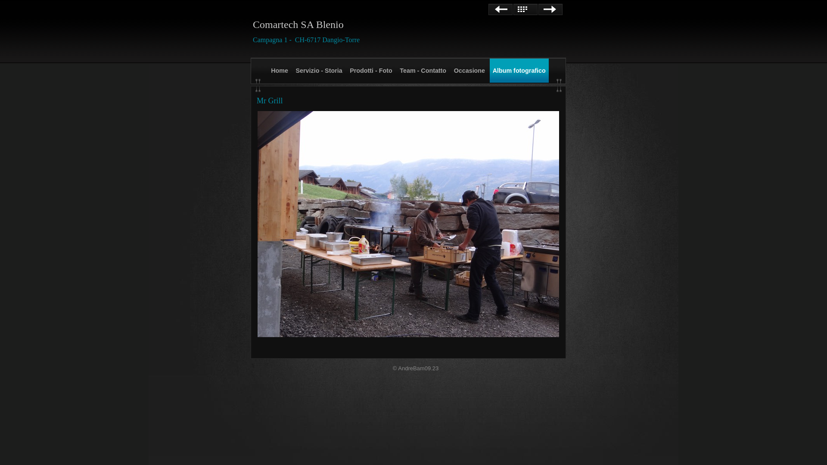 The width and height of the screenshot is (827, 465). Describe the element at coordinates (488, 9) in the screenshot. I see `'Precedente'` at that location.